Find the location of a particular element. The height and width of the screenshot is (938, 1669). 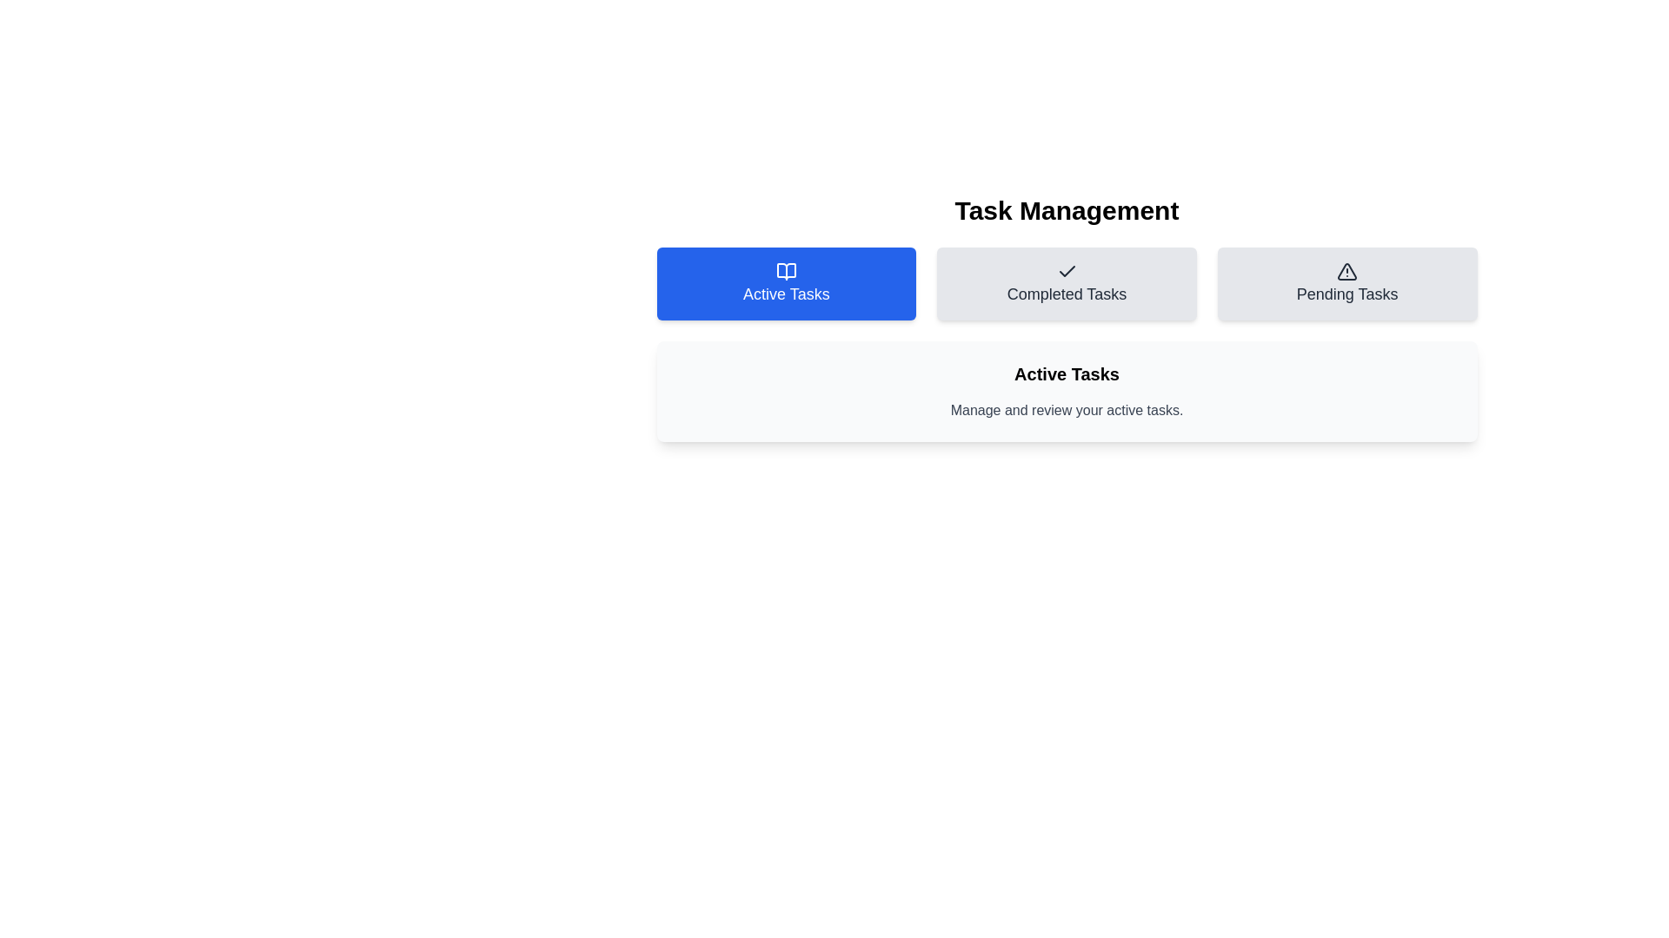

the tab labeled 'Pending Tasks' is located at coordinates (1347, 283).